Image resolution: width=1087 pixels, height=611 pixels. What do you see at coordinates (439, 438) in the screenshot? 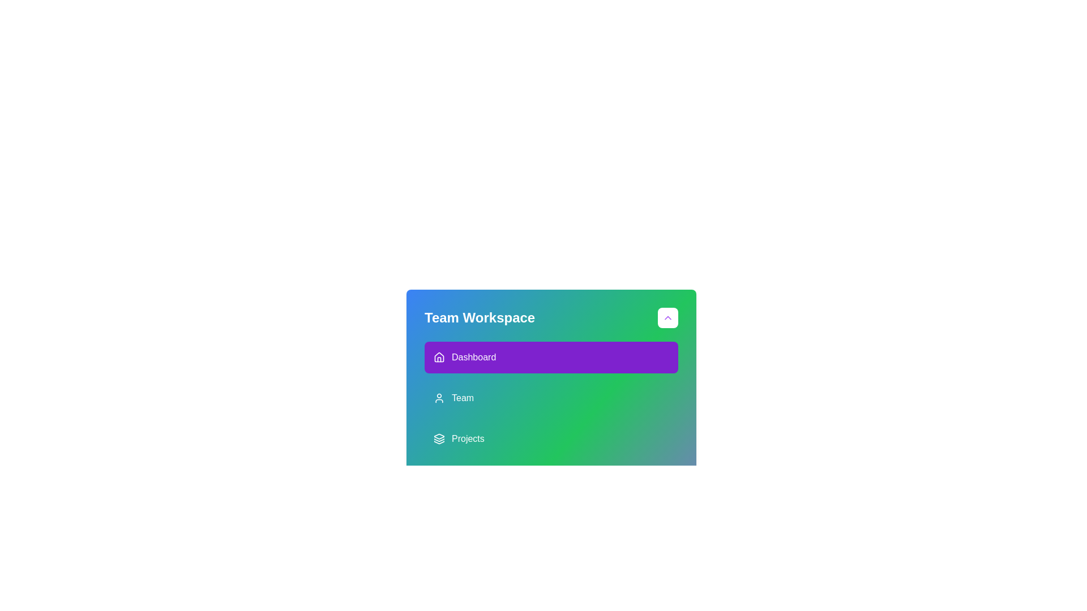
I see `the 'Projects' icon located at the top left of the 'Projects' label in the sidebar menu` at bounding box center [439, 438].